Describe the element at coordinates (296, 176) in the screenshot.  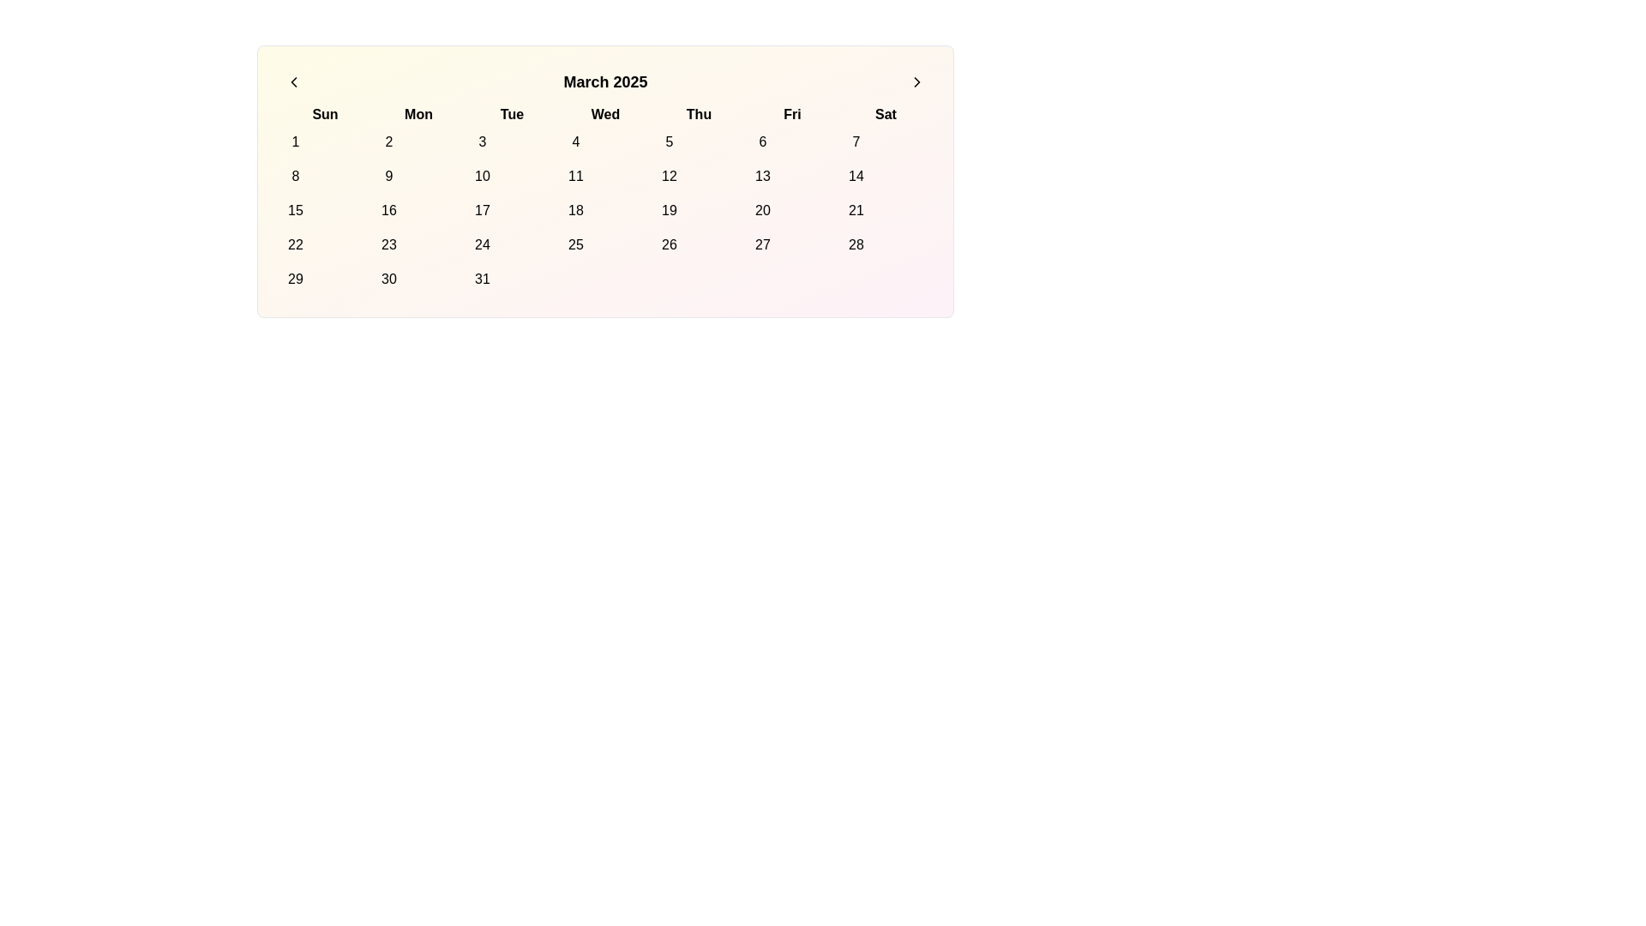
I see `the calendar date button located in the second row and first column under the 'Sun' header` at that location.